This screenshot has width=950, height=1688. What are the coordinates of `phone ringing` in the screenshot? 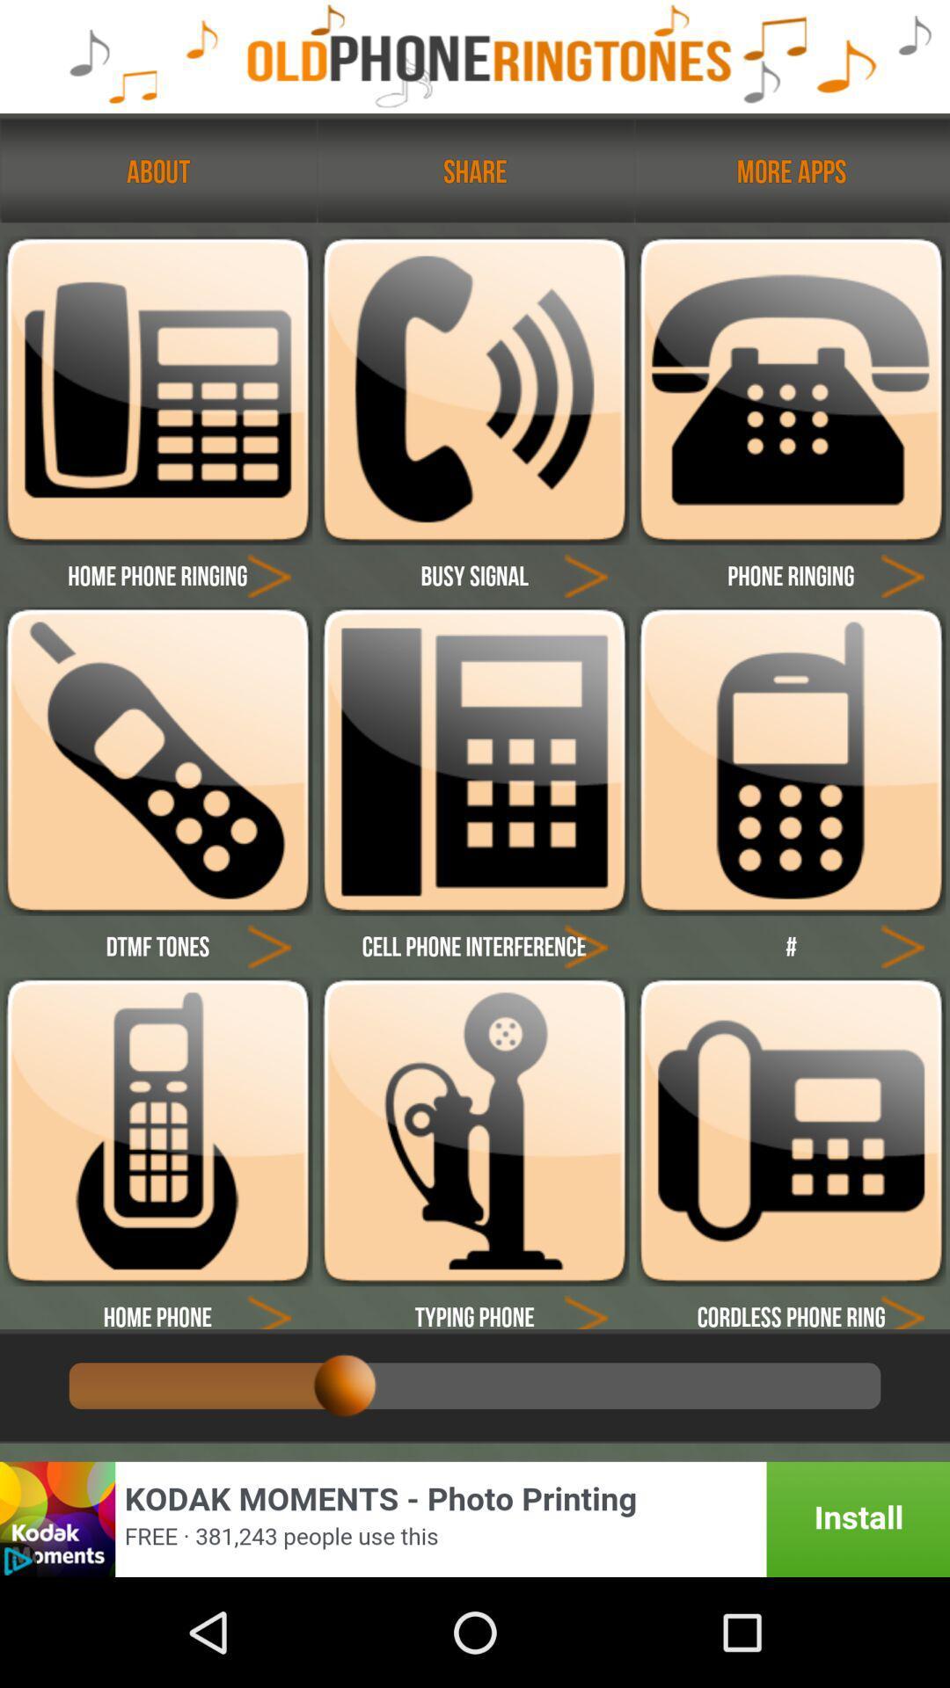 It's located at (790, 760).